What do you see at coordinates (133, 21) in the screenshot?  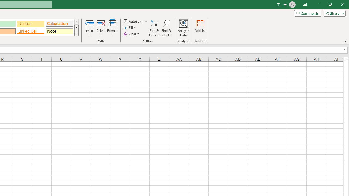 I see `'Sum'` at bounding box center [133, 21].